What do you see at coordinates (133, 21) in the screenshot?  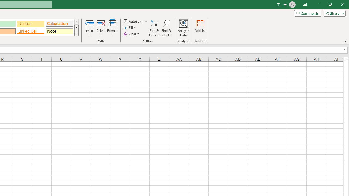 I see `'Sum'` at bounding box center [133, 21].